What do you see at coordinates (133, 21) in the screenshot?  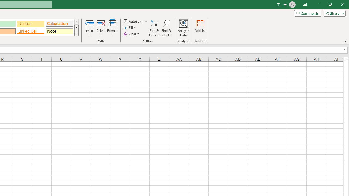 I see `'Sum'` at bounding box center [133, 21].